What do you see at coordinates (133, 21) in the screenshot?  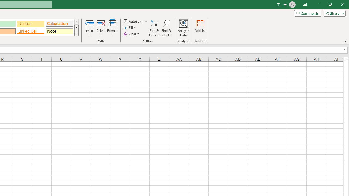 I see `'Sum'` at bounding box center [133, 21].